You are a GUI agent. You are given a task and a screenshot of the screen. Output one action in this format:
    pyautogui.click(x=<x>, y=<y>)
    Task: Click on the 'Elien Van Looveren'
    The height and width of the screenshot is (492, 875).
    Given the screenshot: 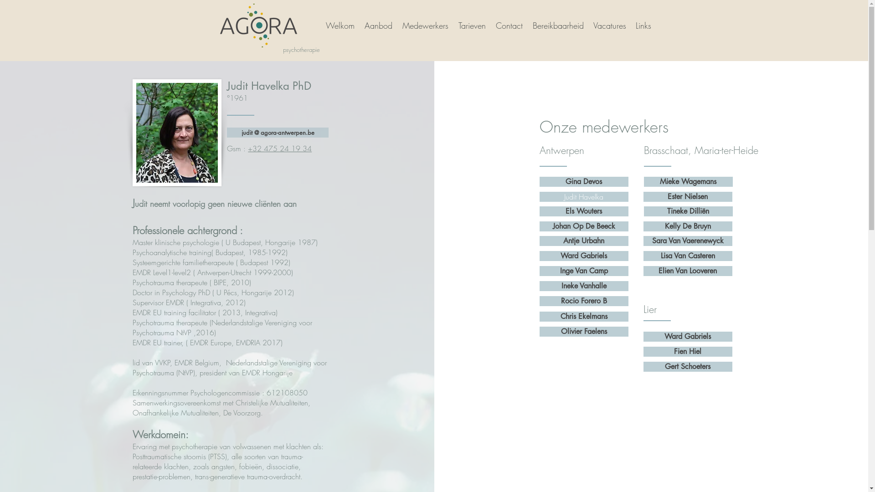 What is the action you would take?
    pyautogui.click(x=688, y=270)
    